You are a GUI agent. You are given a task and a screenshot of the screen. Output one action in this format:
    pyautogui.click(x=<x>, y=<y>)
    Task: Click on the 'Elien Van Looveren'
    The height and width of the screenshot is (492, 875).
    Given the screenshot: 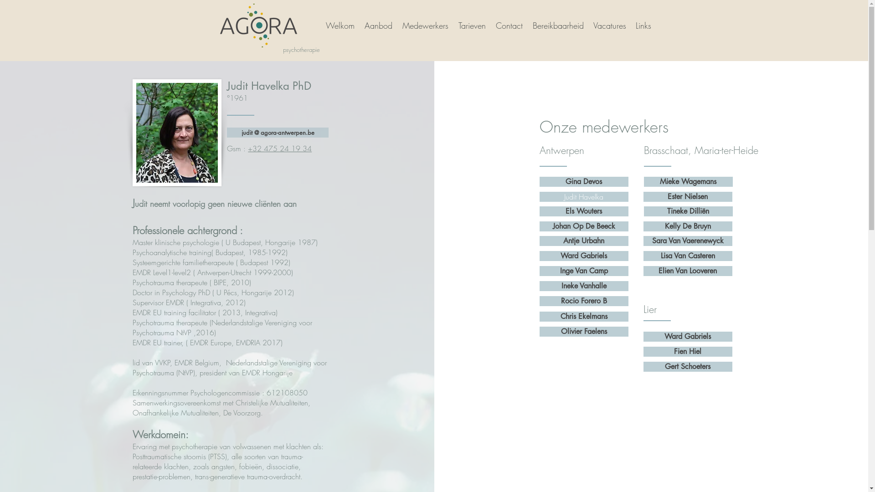 What is the action you would take?
    pyautogui.click(x=688, y=270)
    